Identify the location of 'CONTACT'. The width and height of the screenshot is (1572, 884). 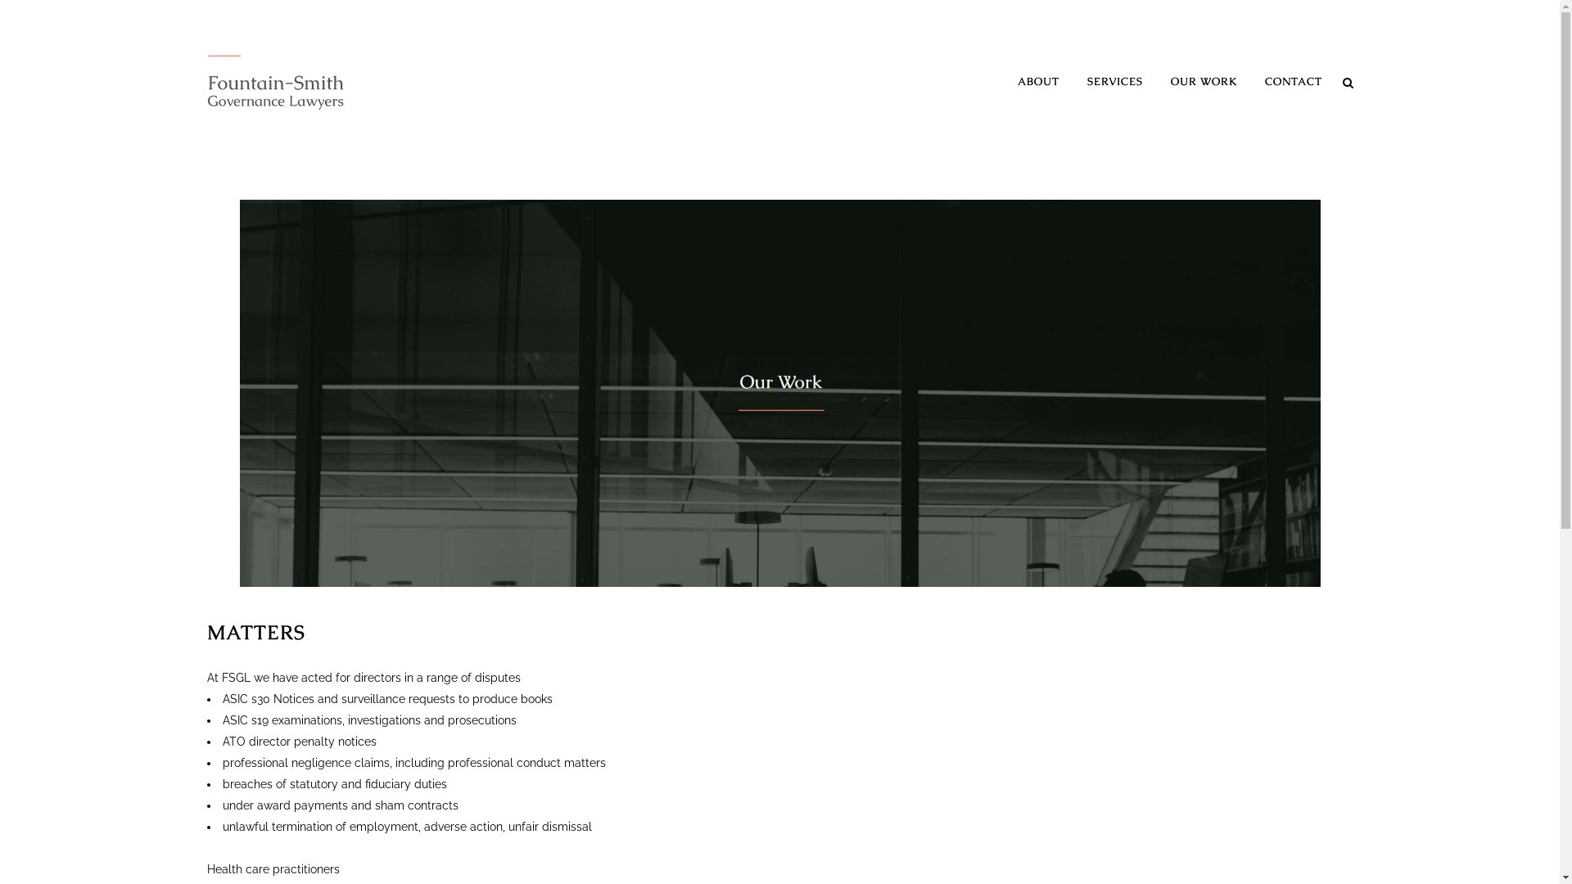
(1292, 82).